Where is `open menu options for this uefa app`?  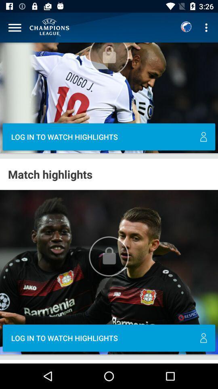 open menu options for this uefa app is located at coordinates (15, 28).